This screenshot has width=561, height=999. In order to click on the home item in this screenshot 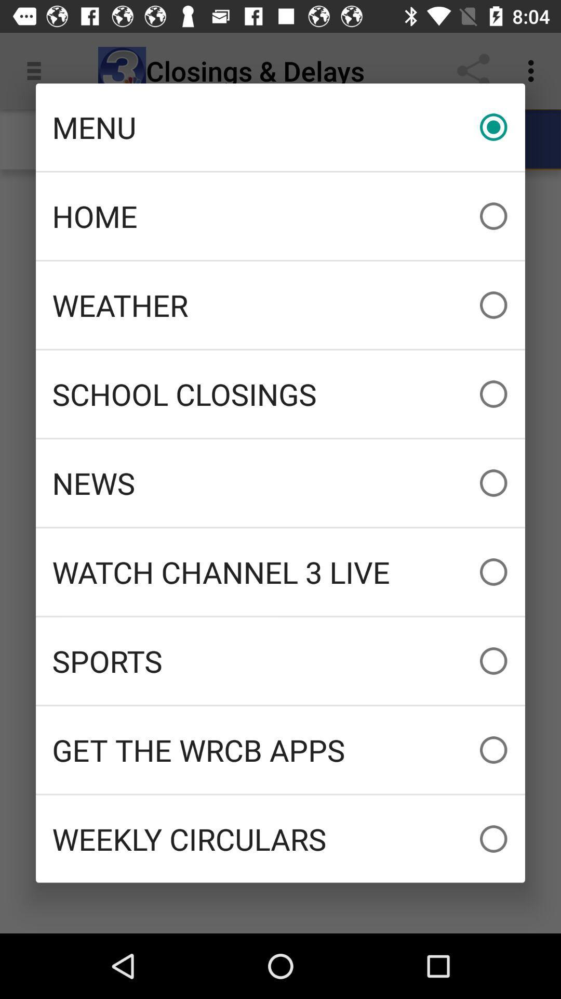, I will do `click(280, 215)`.